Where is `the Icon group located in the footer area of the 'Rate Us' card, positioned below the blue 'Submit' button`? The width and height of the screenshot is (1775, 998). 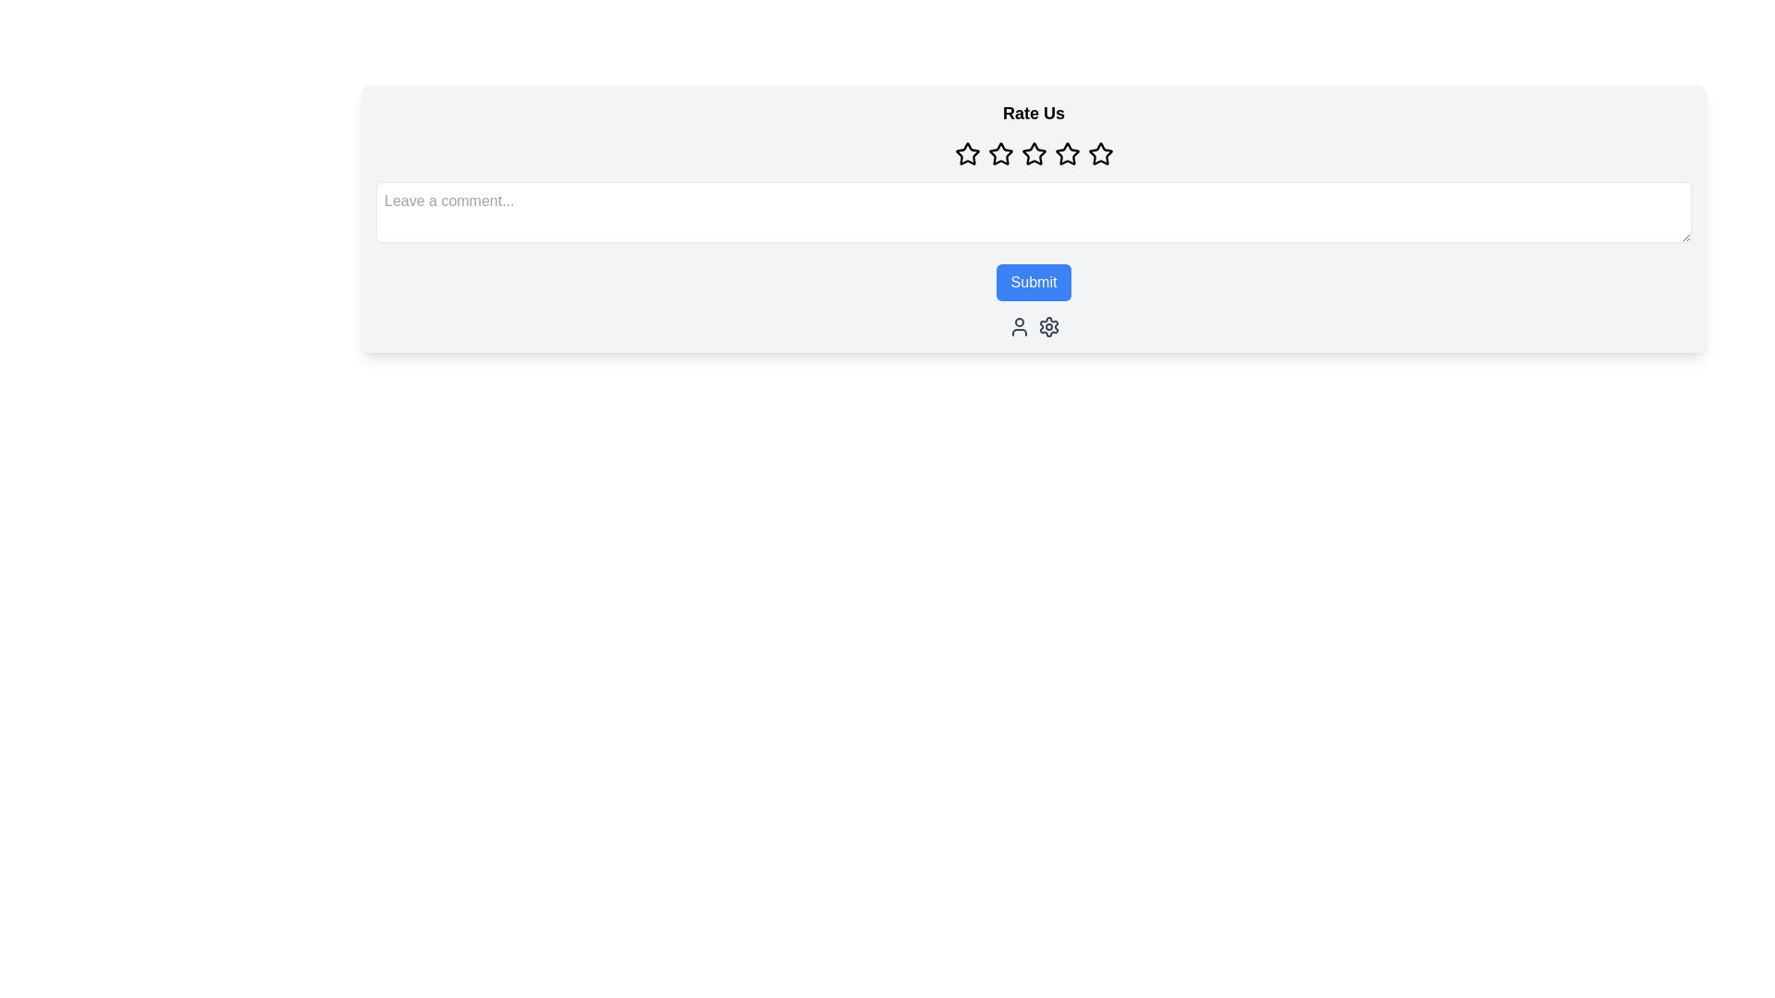
the Icon group located in the footer area of the 'Rate Us' card, positioned below the blue 'Submit' button is located at coordinates (1033, 326).